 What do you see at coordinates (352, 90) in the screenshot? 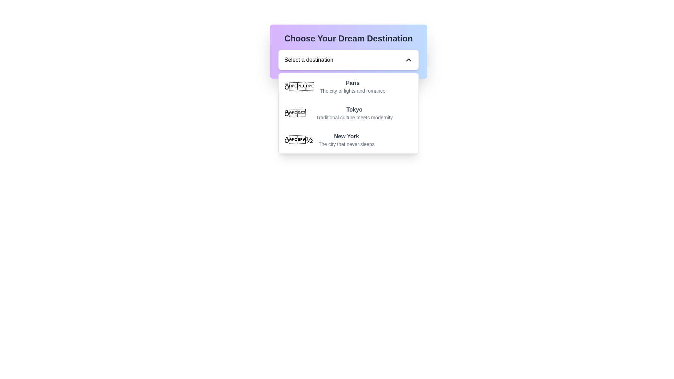
I see `the text label displaying 'The city of lights and romance', which is located below the larger text 'Paris' in the dropdown menu 'Choose Your Dream Destination'` at bounding box center [352, 90].